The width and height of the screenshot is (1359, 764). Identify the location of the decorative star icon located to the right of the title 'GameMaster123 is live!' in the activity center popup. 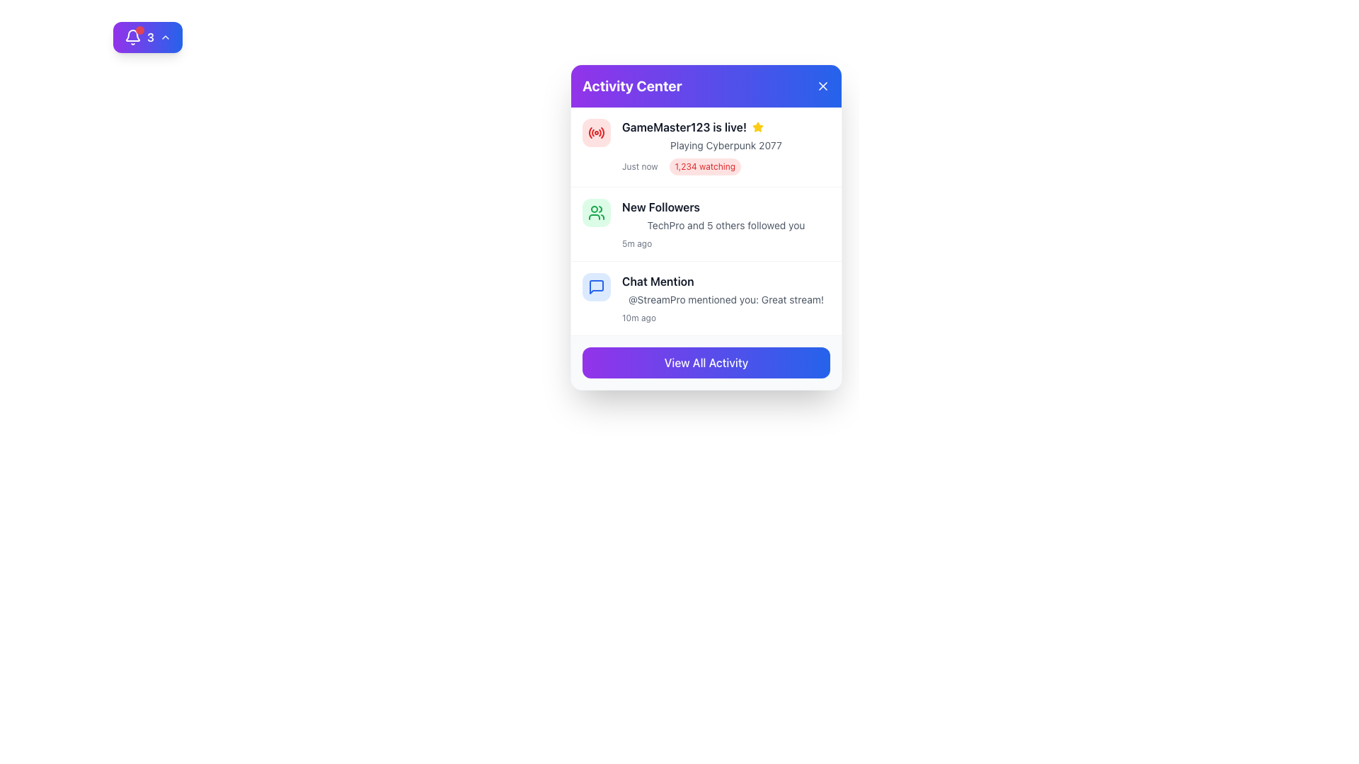
(757, 126).